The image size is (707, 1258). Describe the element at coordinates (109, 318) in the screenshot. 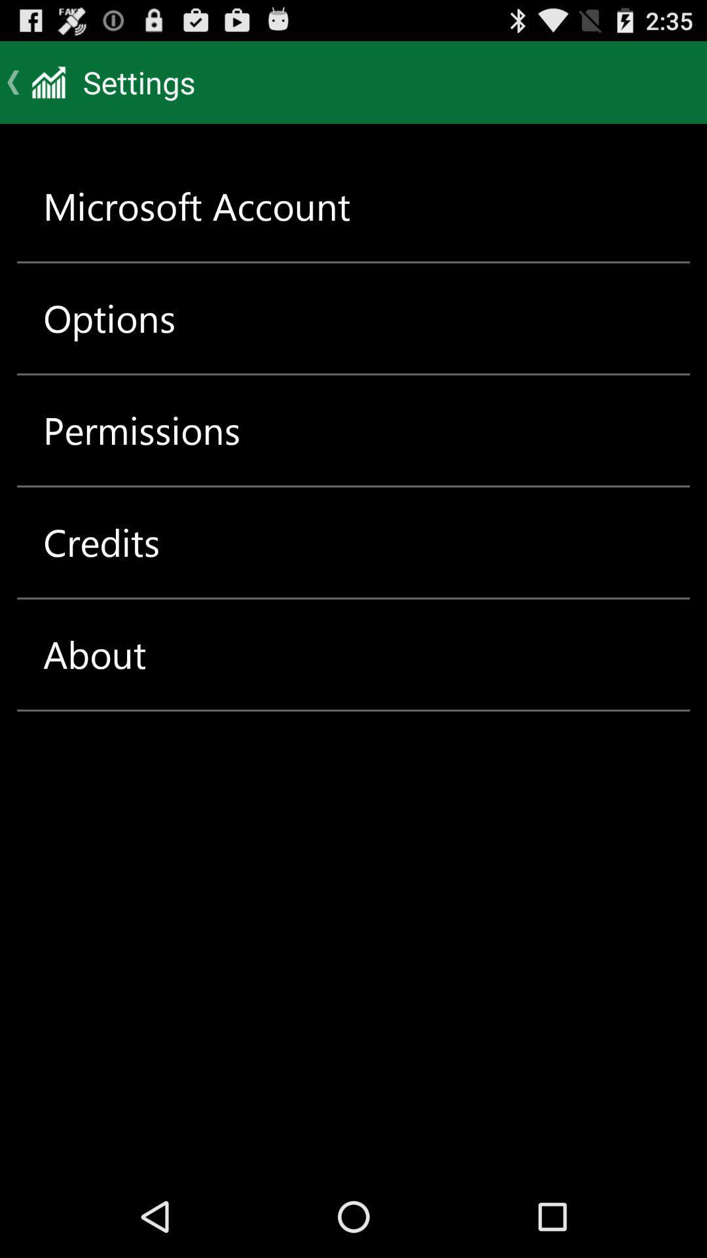

I see `item below microsoft account icon` at that location.